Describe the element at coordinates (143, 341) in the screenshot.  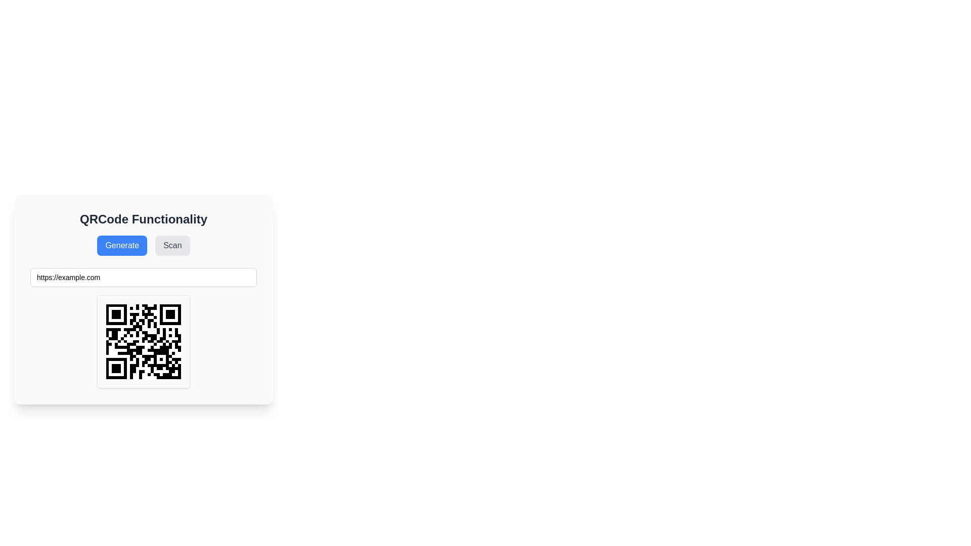
I see `the QR code image that encodes the URL 'https://example.com' to select it` at that location.